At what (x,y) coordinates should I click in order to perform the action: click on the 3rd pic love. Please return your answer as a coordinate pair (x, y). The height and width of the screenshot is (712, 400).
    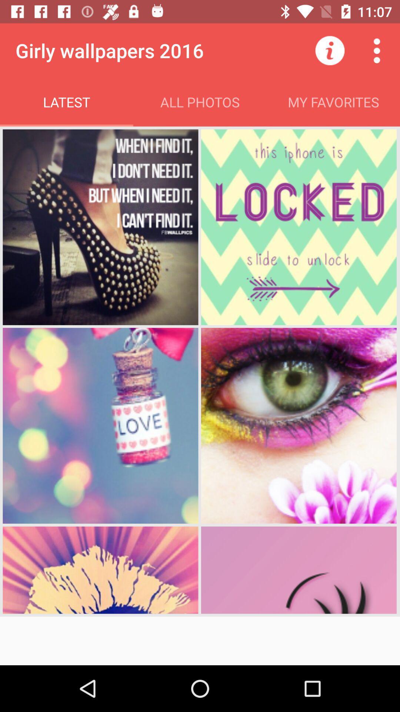
    Looking at the image, I should click on (101, 425).